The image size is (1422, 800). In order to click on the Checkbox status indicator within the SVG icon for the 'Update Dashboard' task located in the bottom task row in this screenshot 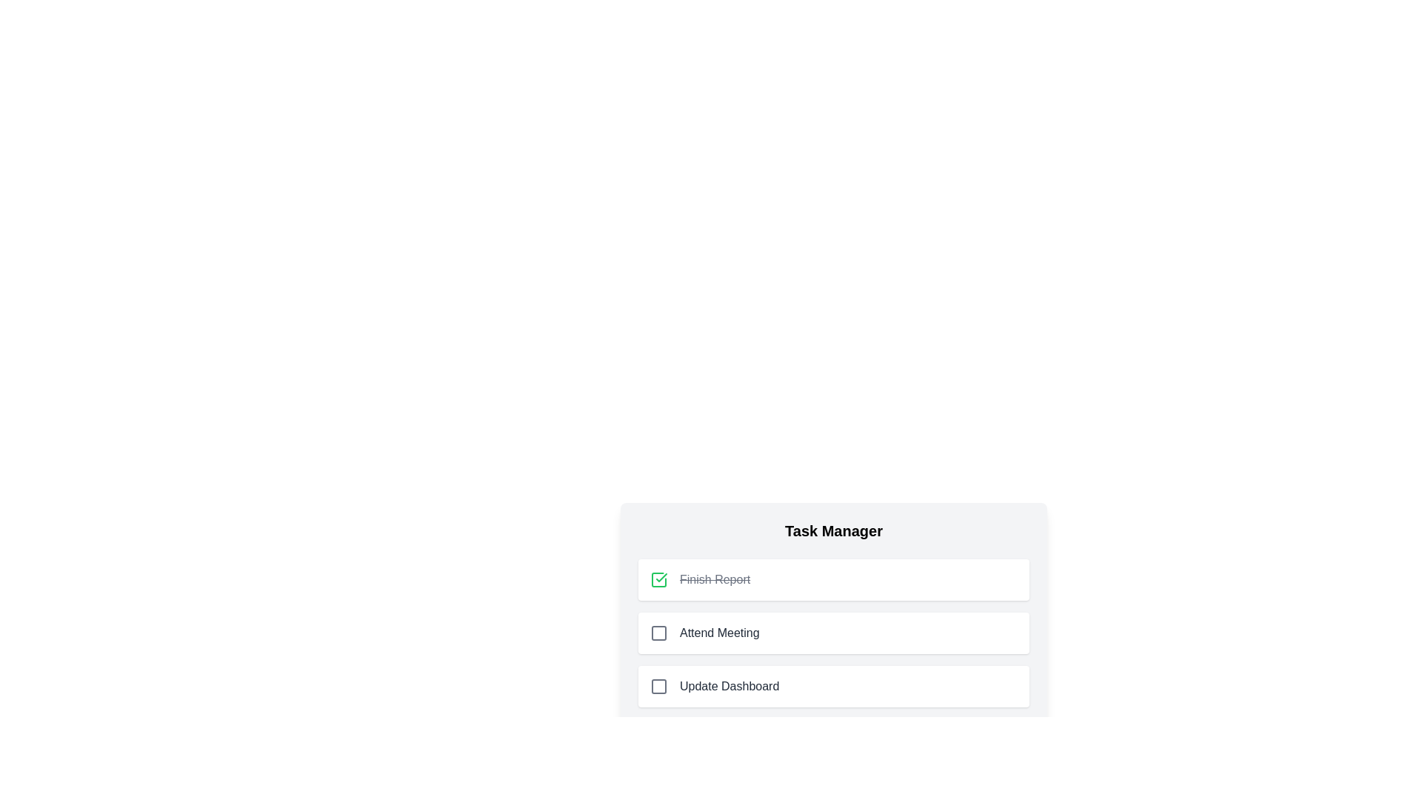, I will do `click(658, 686)`.